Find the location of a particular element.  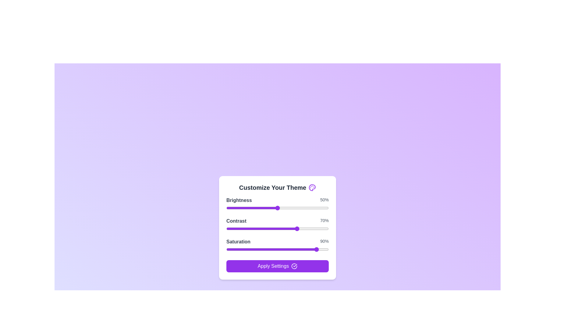

the brightness slider to 47% is located at coordinates (274, 207).